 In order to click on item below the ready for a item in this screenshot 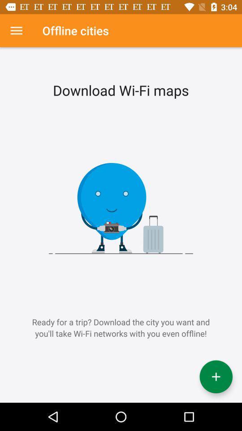, I will do `click(216, 377)`.